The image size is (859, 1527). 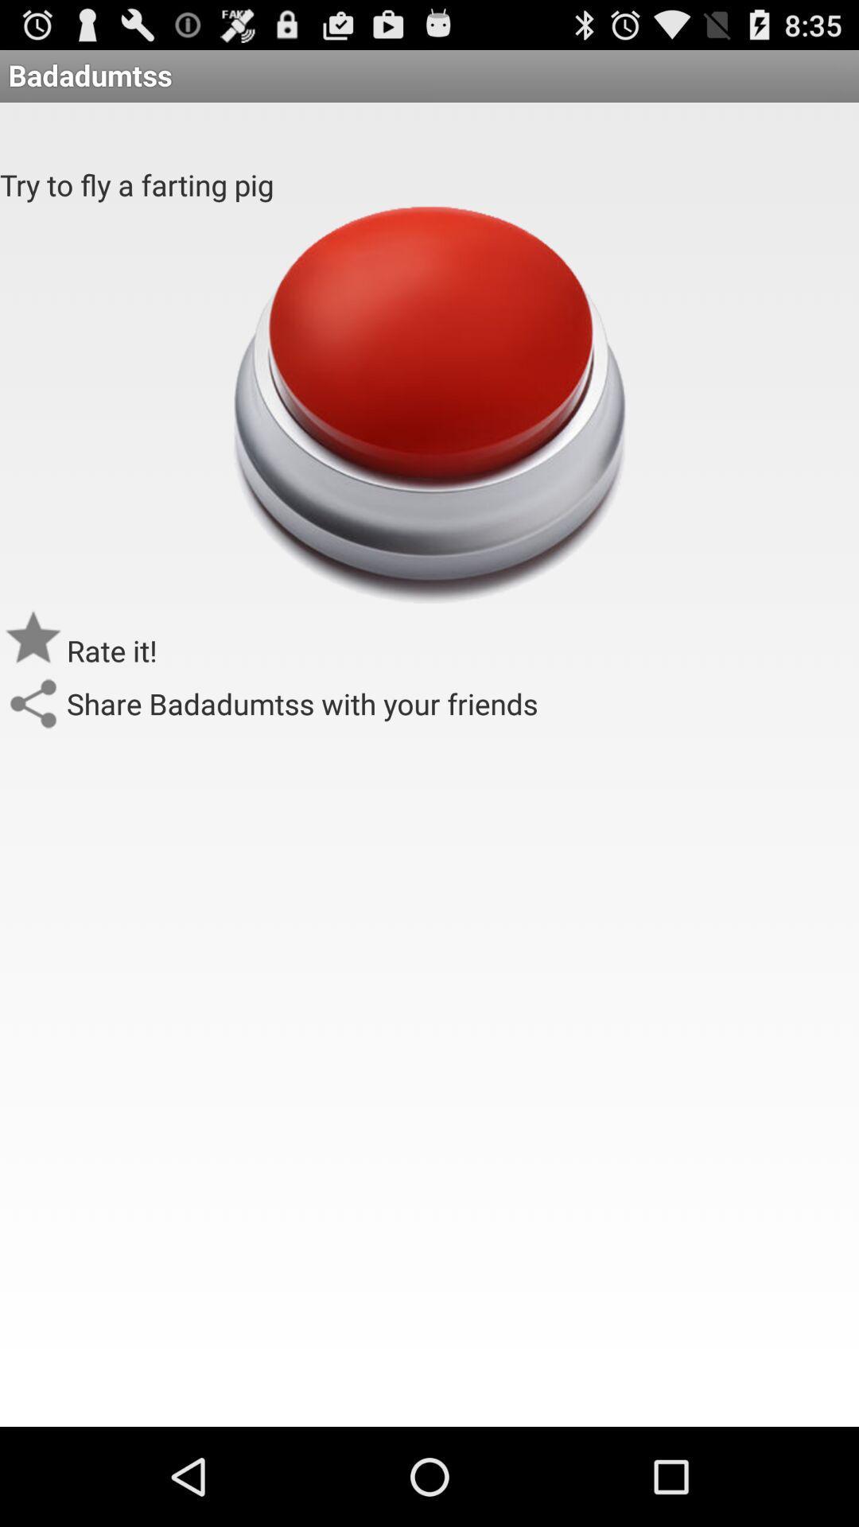 What do you see at coordinates (136, 185) in the screenshot?
I see `app at the top left corner` at bounding box center [136, 185].